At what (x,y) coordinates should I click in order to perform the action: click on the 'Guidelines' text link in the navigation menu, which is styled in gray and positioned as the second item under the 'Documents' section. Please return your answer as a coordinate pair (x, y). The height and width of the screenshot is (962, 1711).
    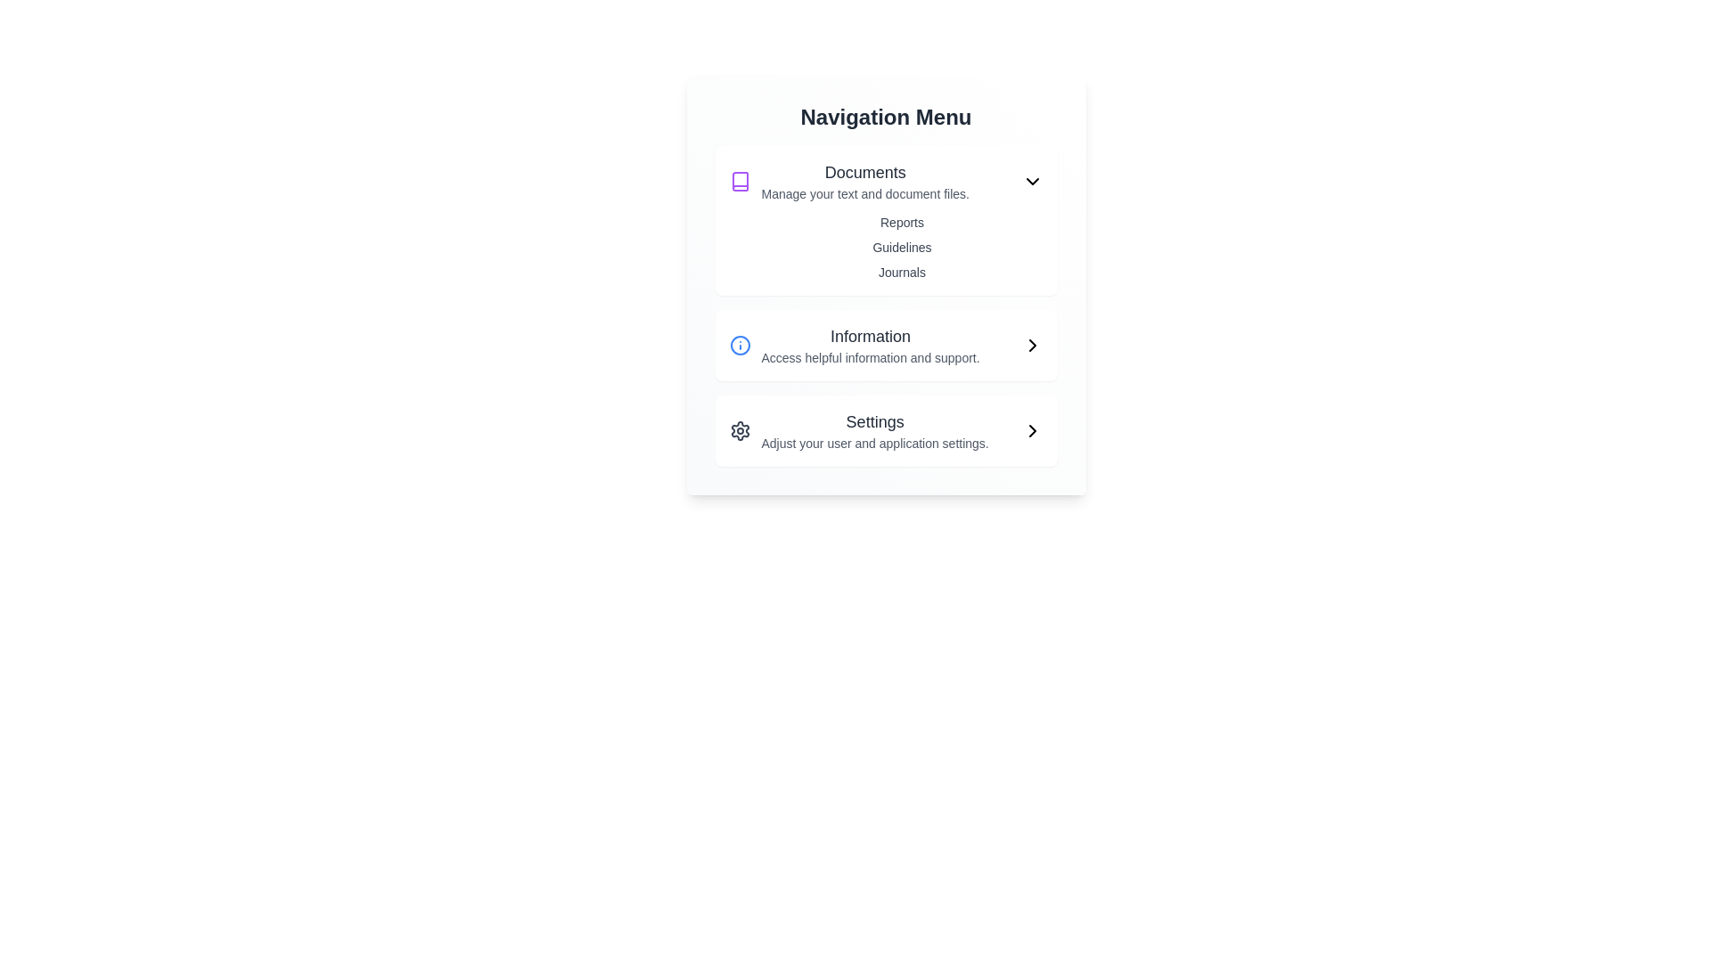
    Looking at the image, I should click on (886, 247).